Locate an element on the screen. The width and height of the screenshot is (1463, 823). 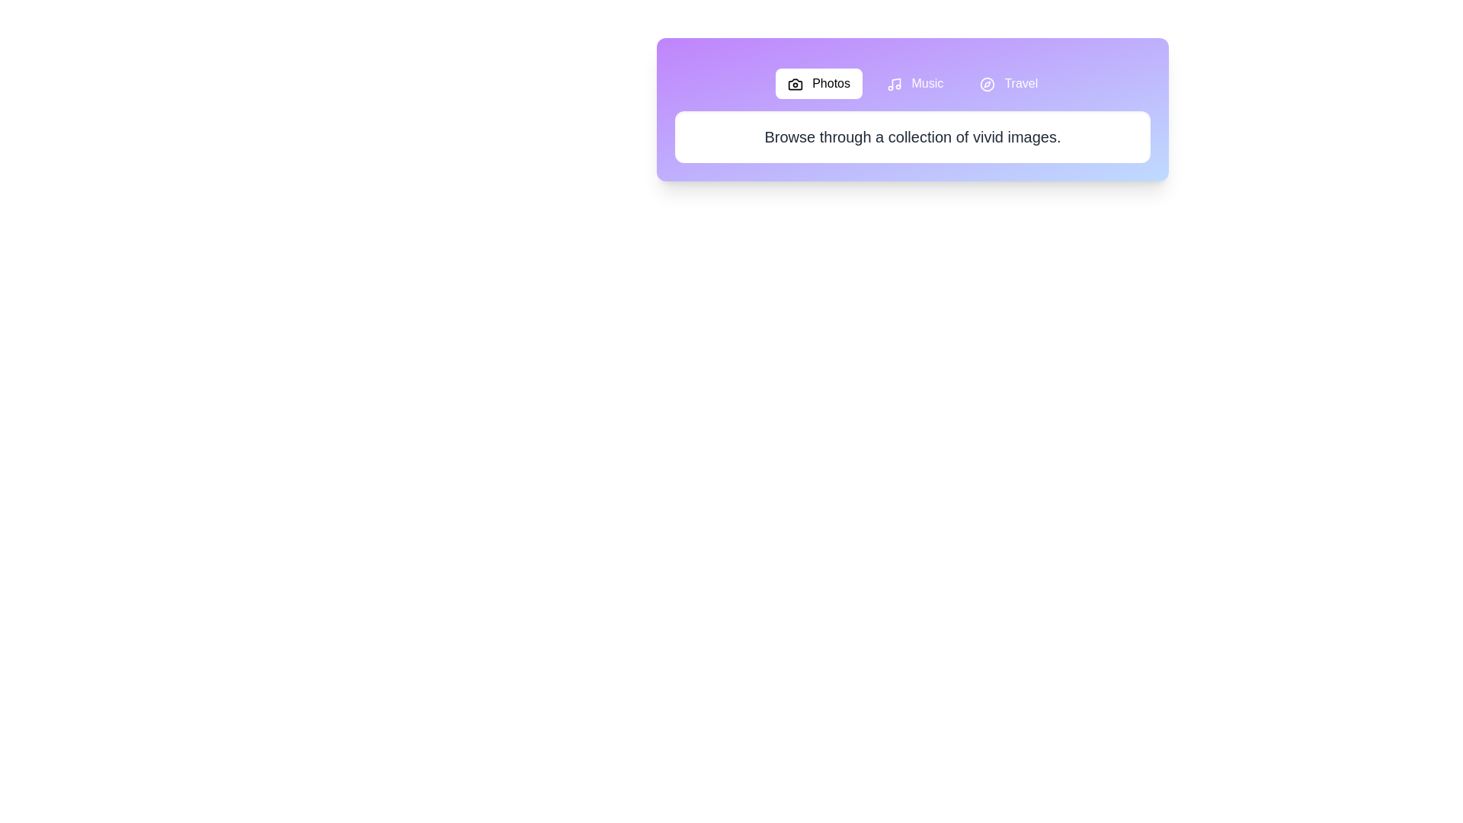
the tab labeled Music is located at coordinates (914, 84).